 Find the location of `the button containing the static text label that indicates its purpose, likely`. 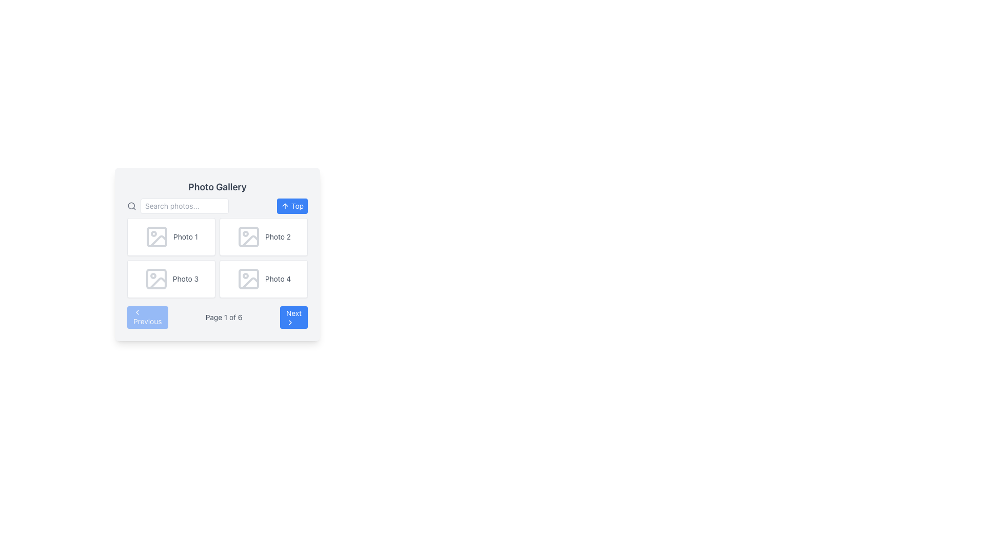

the button containing the static text label that indicates its purpose, likely is located at coordinates (297, 206).